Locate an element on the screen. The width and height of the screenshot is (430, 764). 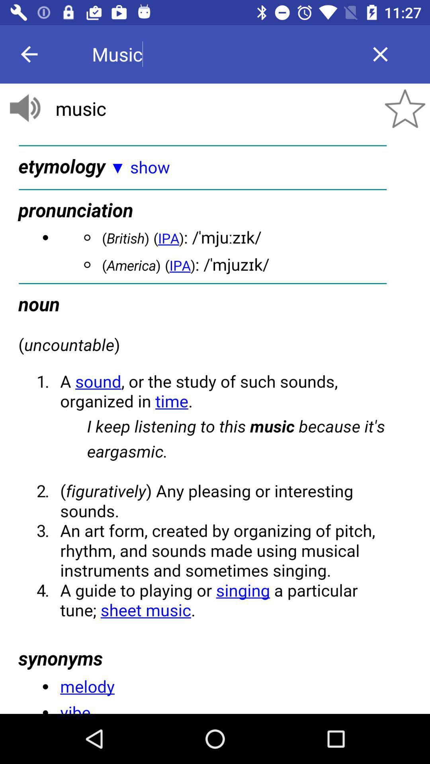
the volume icon is located at coordinates (24, 108).